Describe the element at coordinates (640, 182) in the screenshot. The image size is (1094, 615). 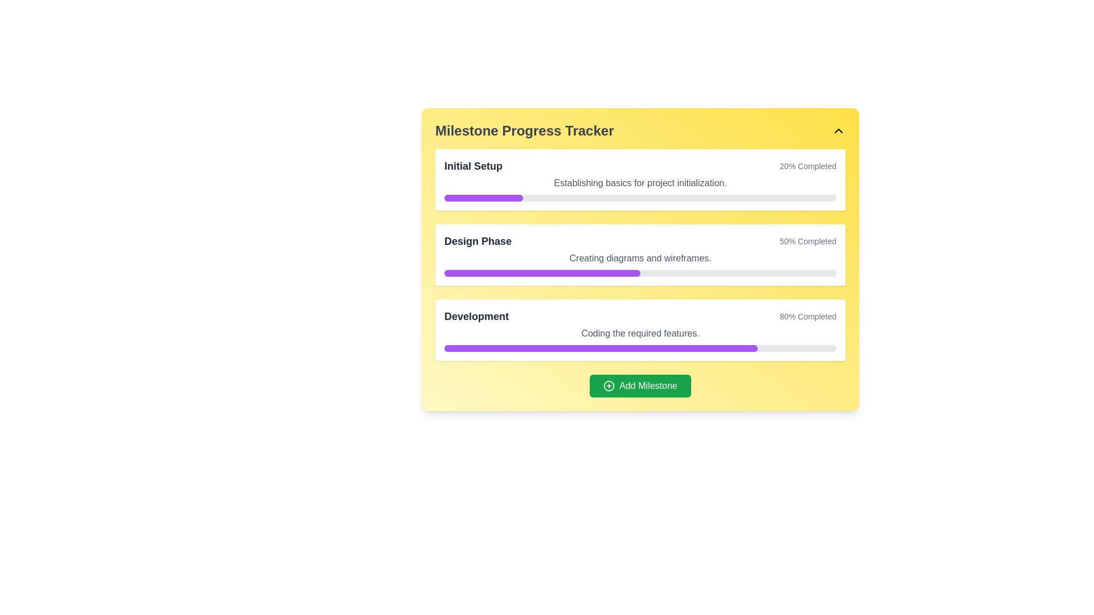
I see `the descriptive text block that informs the user about the current task or phase within the 'Initial Setup' stage of the project` at that location.